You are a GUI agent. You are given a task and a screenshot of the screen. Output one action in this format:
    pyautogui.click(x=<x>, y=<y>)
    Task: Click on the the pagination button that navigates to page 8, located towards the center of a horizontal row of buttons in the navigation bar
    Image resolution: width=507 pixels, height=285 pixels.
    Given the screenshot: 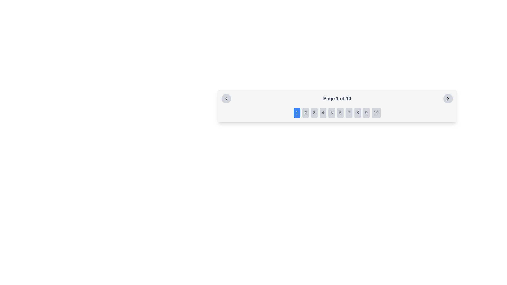 What is the action you would take?
    pyautogui.click(x=358, y=113)
    